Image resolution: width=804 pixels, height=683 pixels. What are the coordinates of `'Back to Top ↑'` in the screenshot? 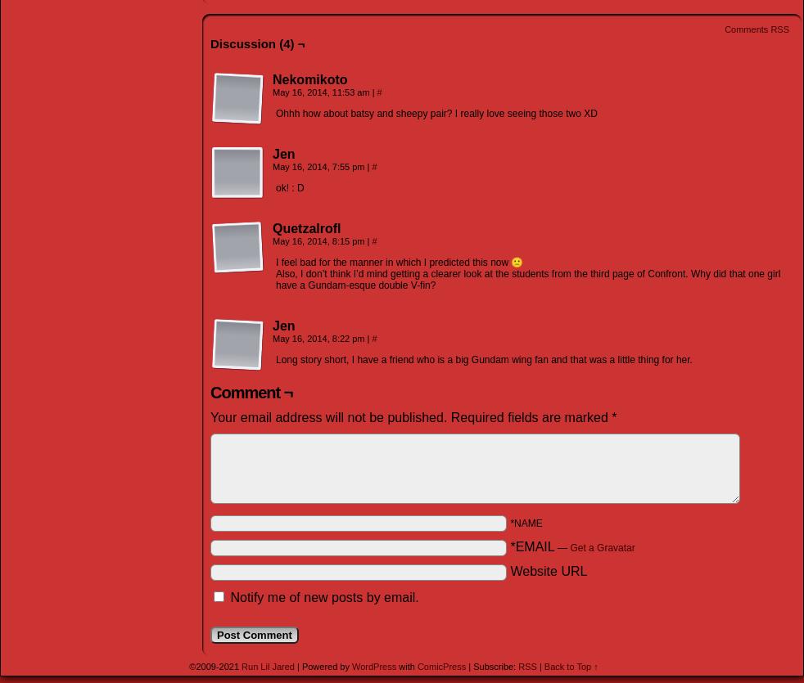 It's located at (570, 665).